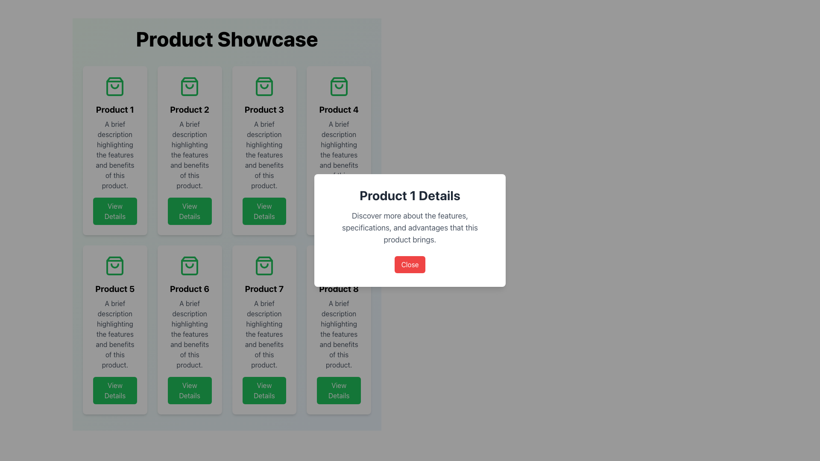 This screenshot has width=820, height=461. I want to click on the green shopping bag icon at the top center of the 'Product 6' card, which is visually distinct with a green outline and positioned above the product title, so click(189, 266).